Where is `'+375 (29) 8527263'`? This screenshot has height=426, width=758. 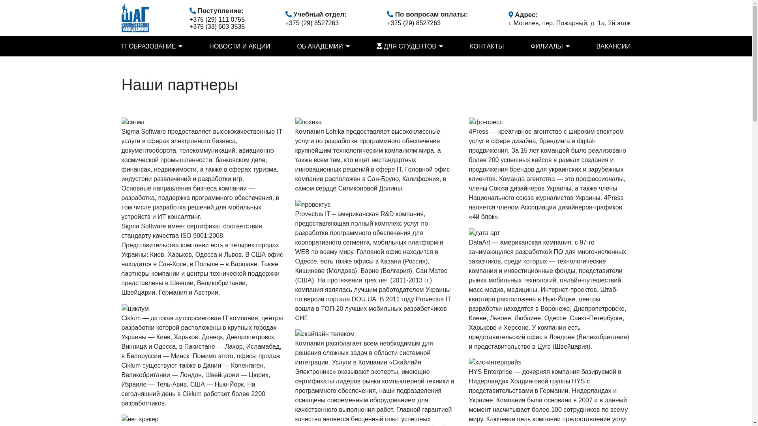
'+375 (29) 8527263' is located at coordinates (413, 22).